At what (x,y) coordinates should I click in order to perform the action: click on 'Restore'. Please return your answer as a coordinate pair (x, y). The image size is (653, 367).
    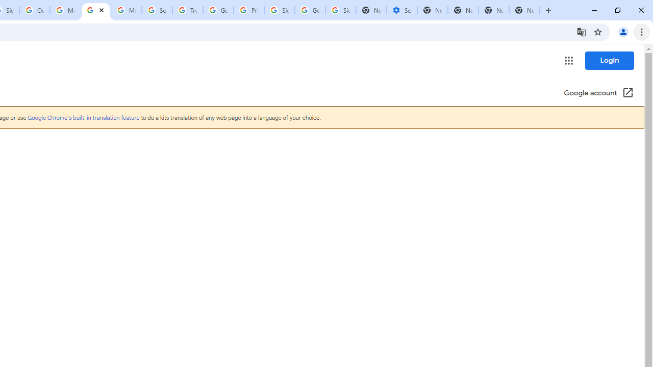
    Looking at the image, I should click on (617, 10).